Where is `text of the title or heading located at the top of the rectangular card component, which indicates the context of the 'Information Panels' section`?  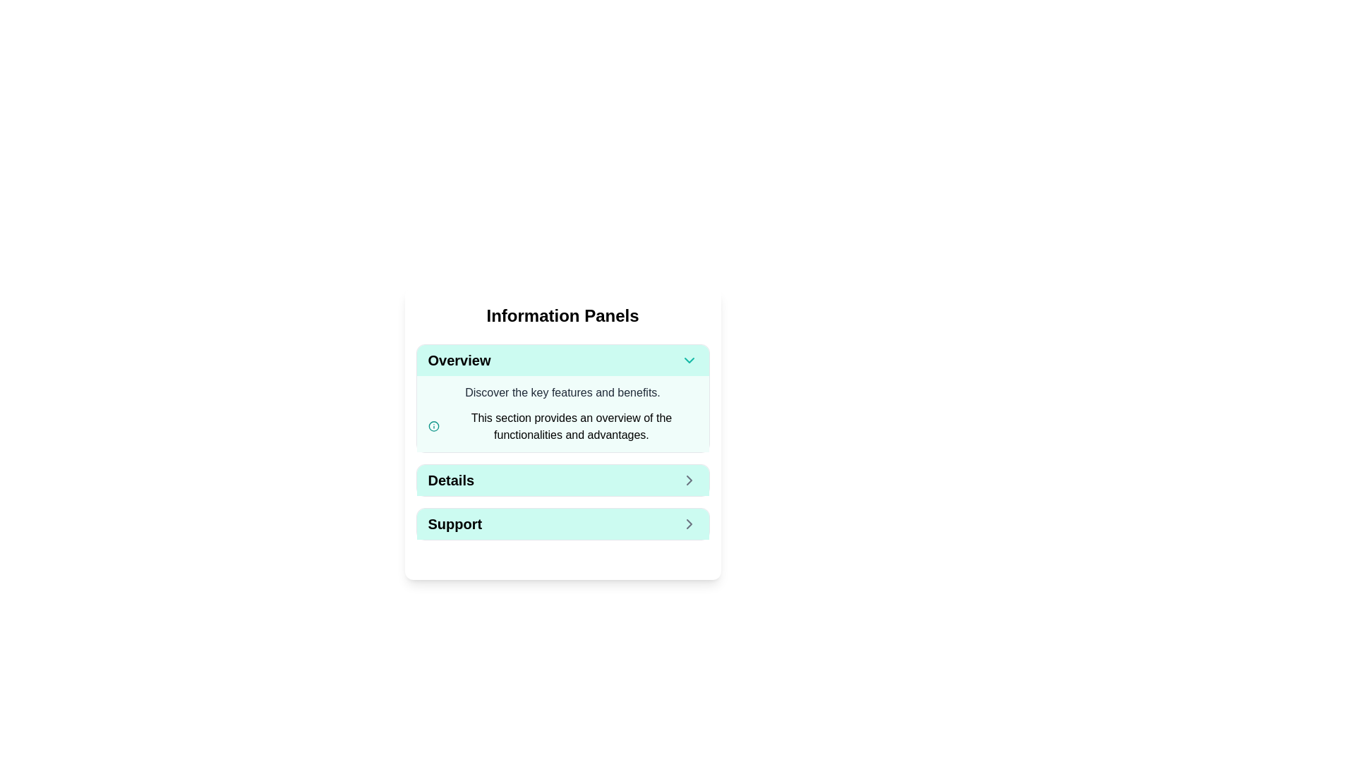
text of the title or heading located at the top of the rectangular card component, which indicates the context of the 'Information Panels' section is located at coordinates (562, 315).